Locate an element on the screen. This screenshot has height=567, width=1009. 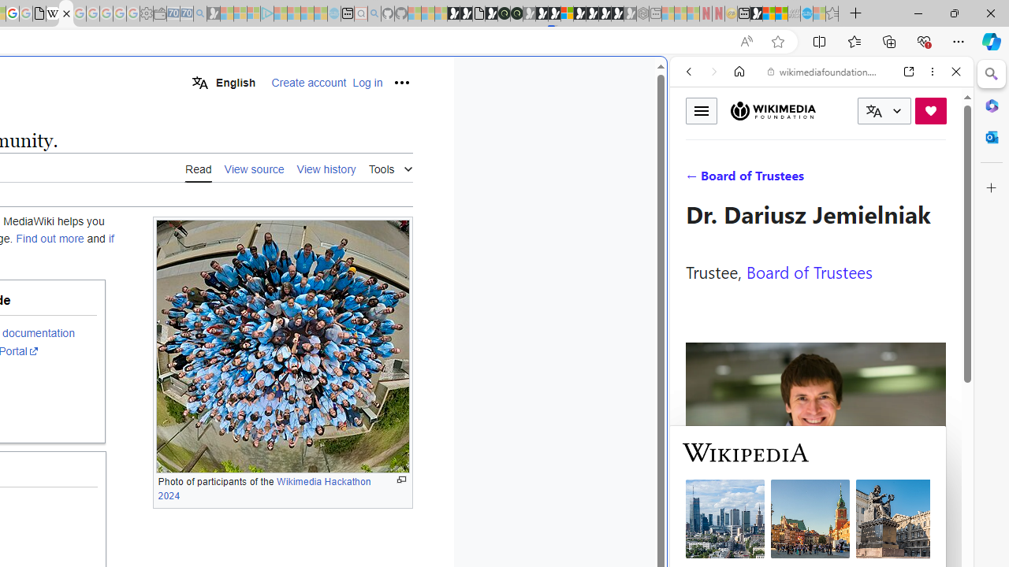
'Board of Trustees' is located at coordinates (809, 270).